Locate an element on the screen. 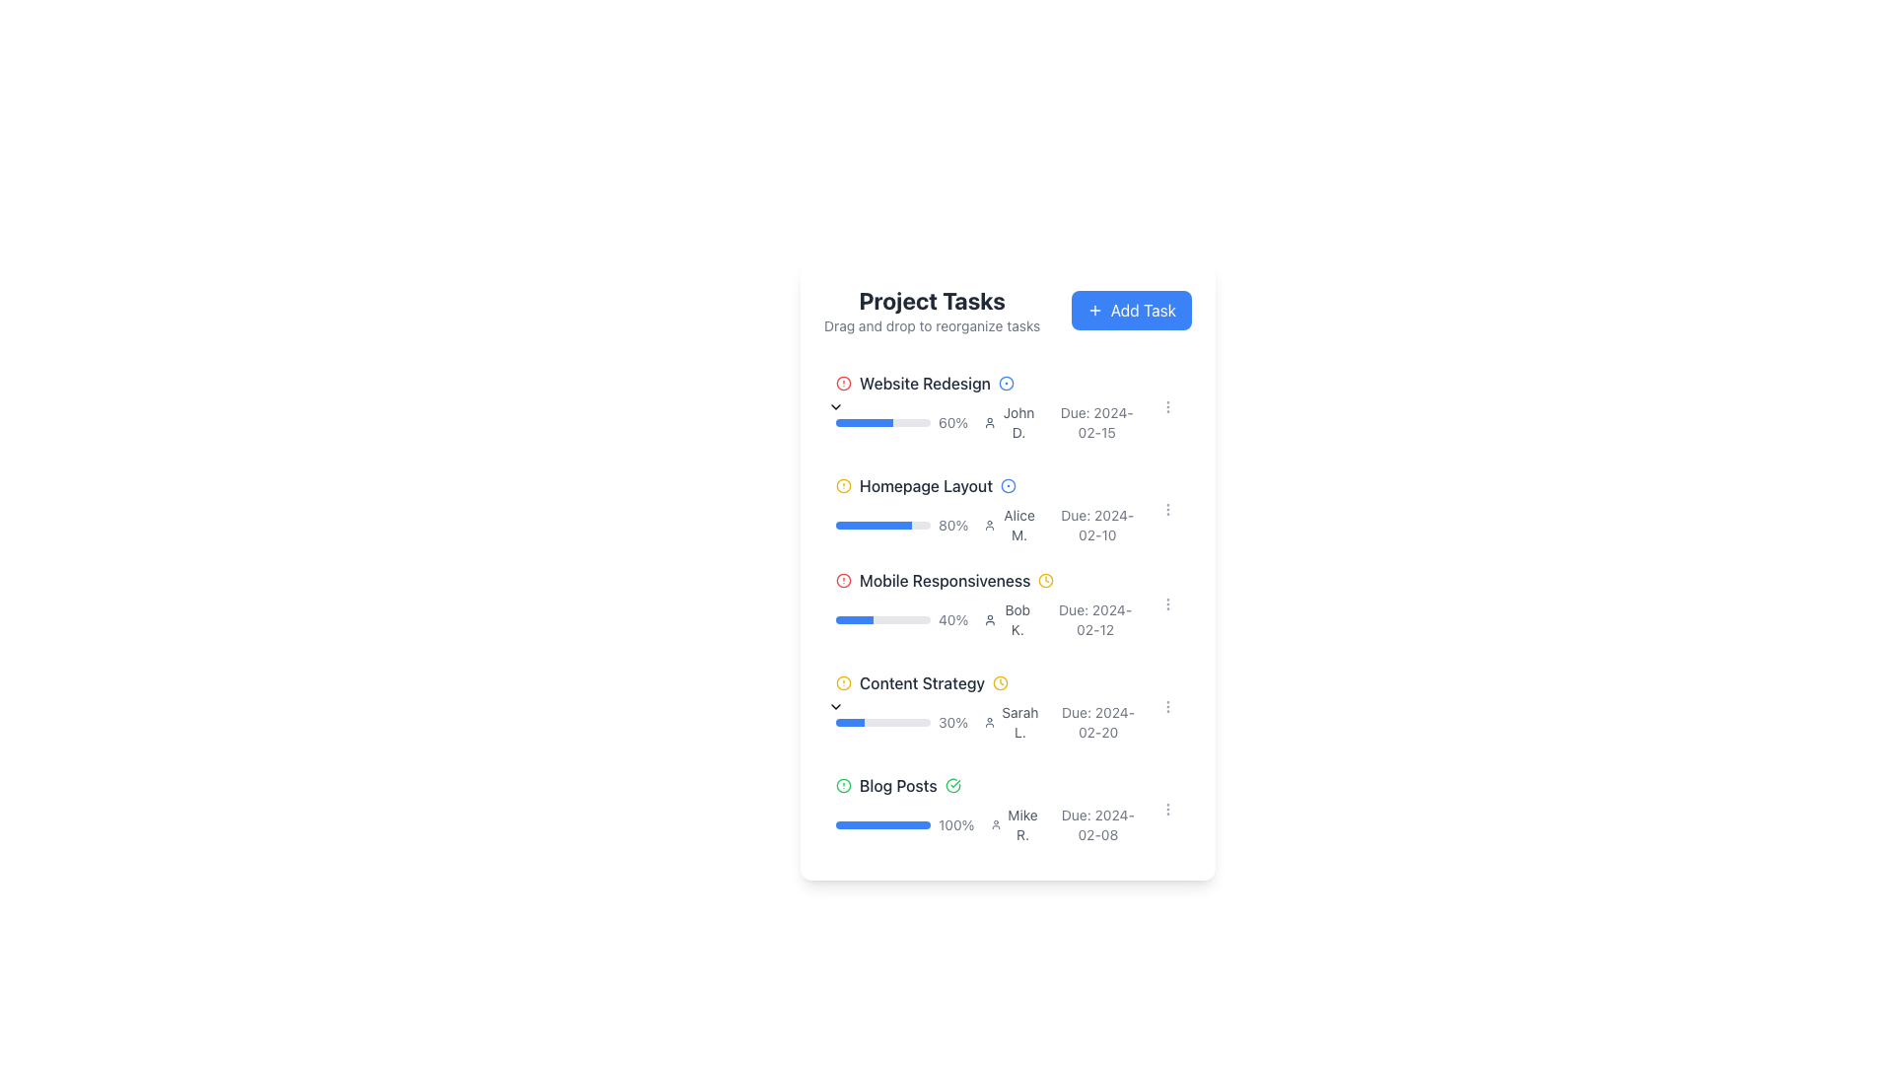 The width and height of the screenshot is (1893, 1065). the icon or button that provides access to additional options related to the 'Website Redesign' task, located near the left edge of the row and slightly to the left of the task's progress bar is located at coordinates (823, 405).